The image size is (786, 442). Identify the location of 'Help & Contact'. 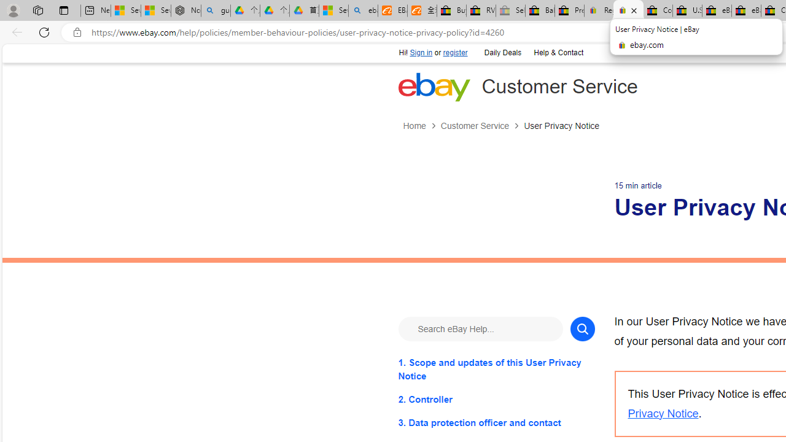
(557, 51).